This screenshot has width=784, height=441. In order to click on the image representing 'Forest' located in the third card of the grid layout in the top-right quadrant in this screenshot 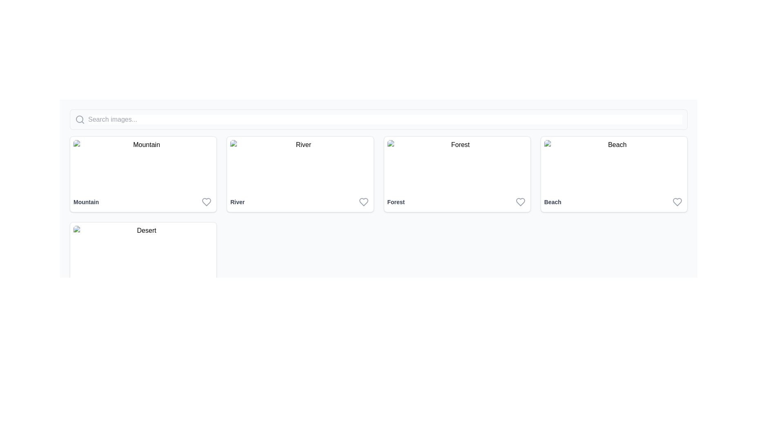, I will do `click(457, 166)`.